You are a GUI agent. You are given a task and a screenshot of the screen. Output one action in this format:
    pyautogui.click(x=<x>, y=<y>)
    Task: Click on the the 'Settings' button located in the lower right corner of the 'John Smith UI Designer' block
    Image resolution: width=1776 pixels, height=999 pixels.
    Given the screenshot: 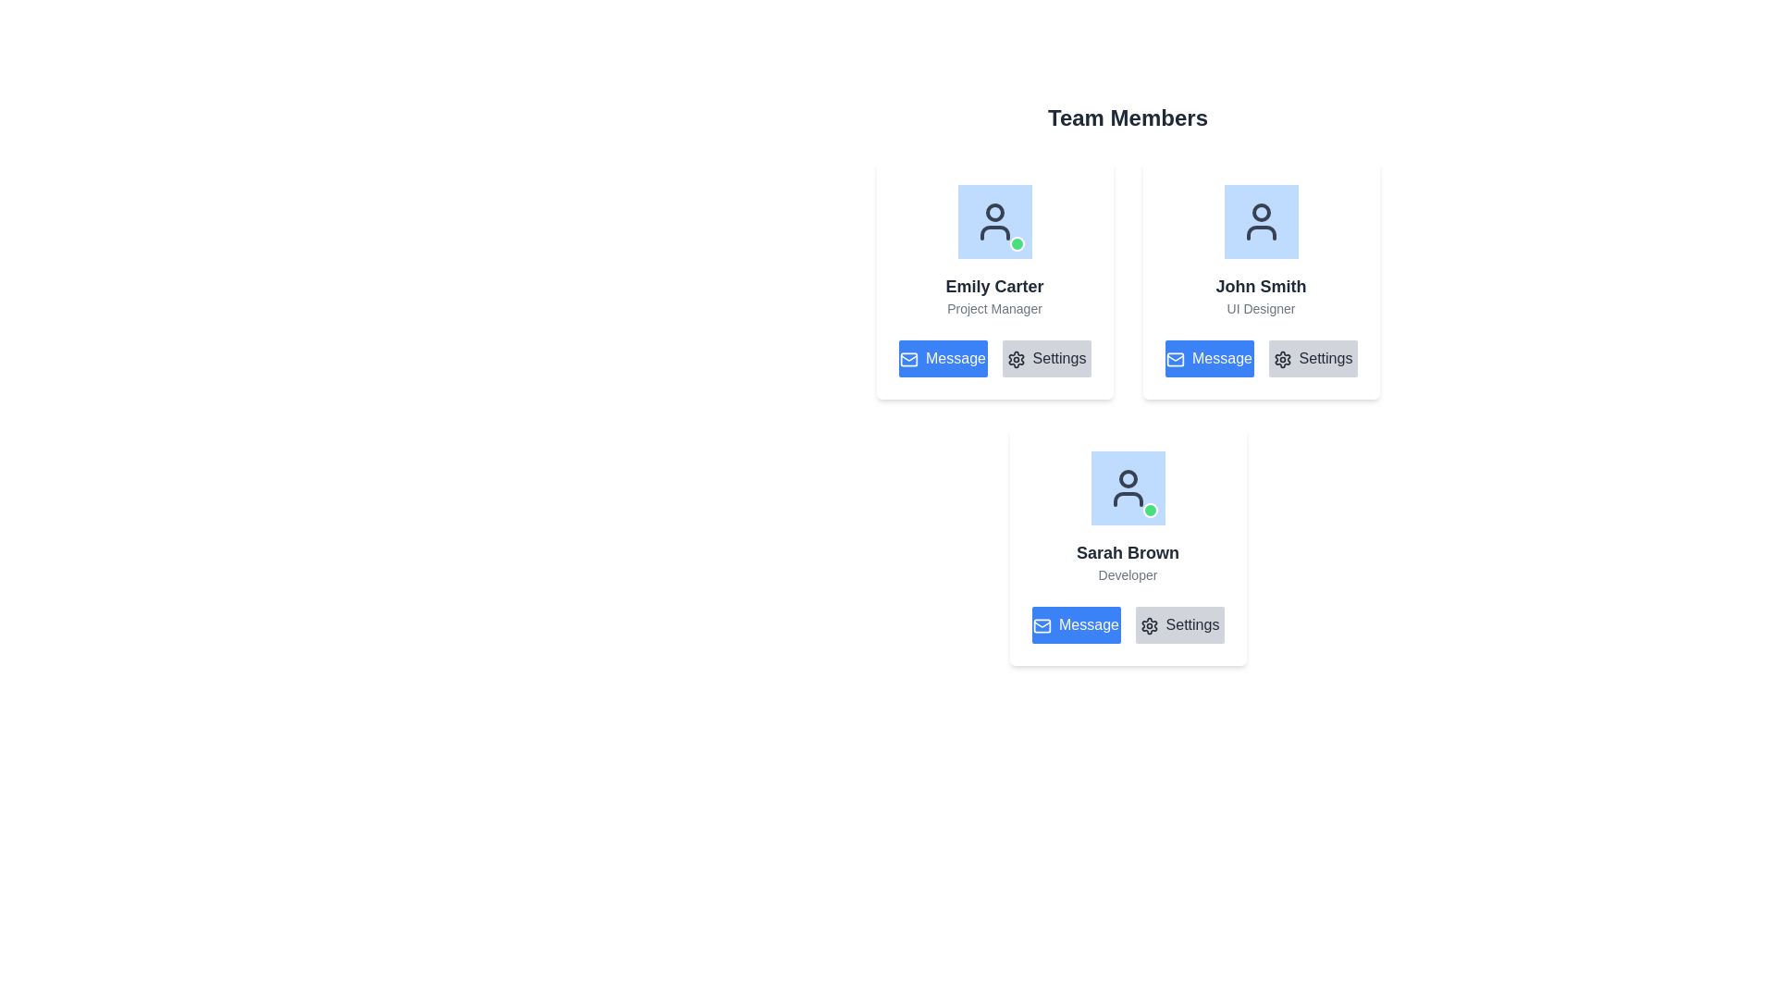 What is the action you would take?
    pyautogui.click(x=1312, y=359)
    